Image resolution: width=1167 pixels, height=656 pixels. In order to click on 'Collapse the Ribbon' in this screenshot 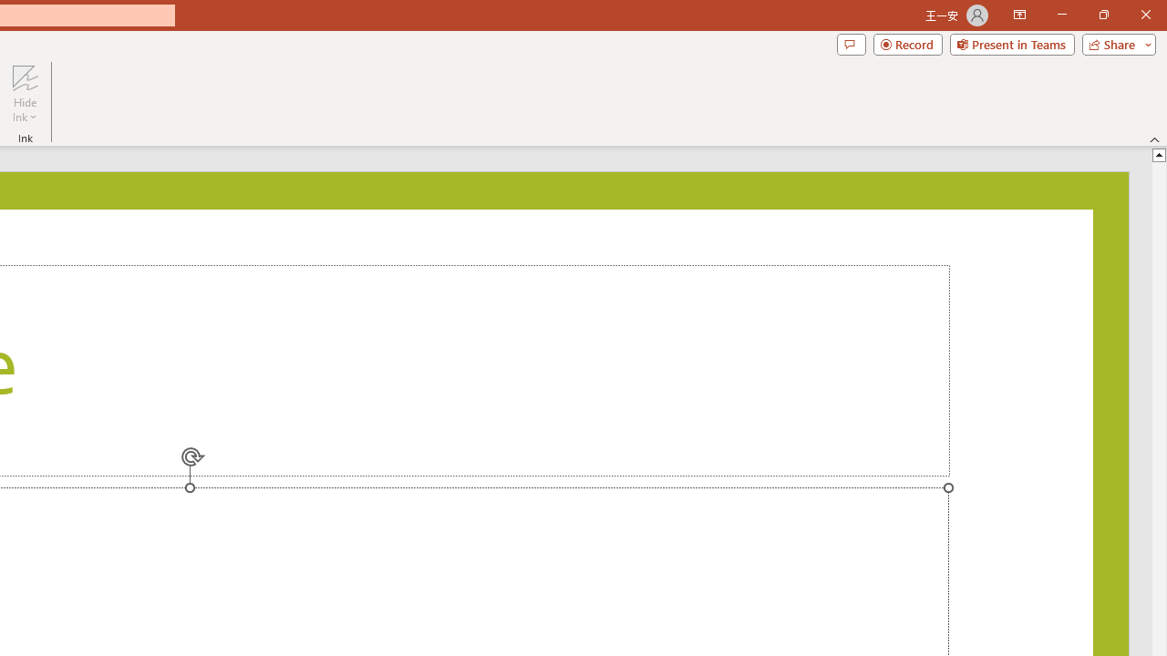, I will do `click(1154, 138)`.